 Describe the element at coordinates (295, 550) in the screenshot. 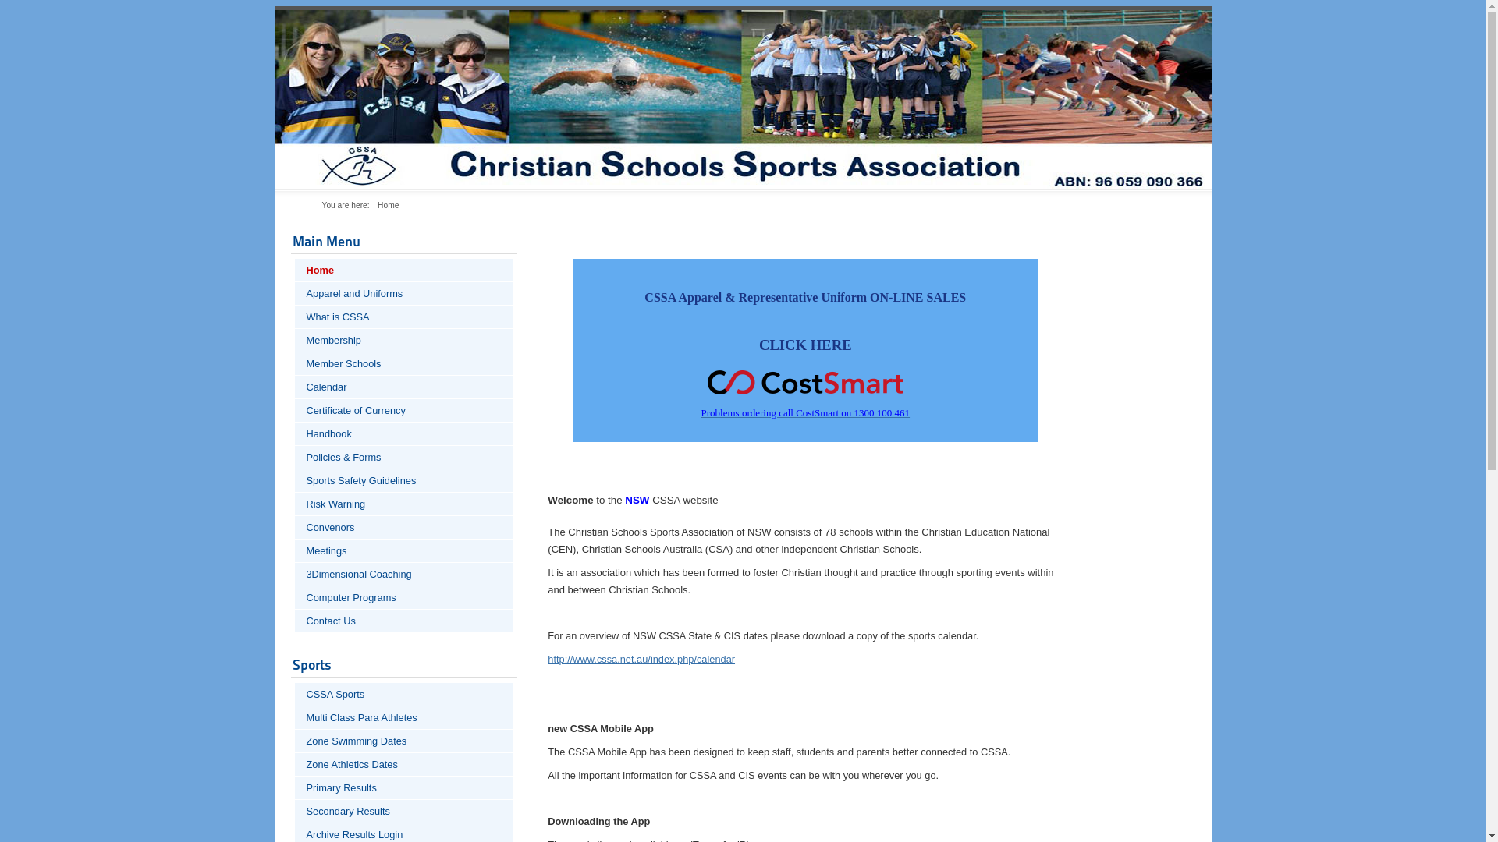

I see `'Meetings'` at that location.